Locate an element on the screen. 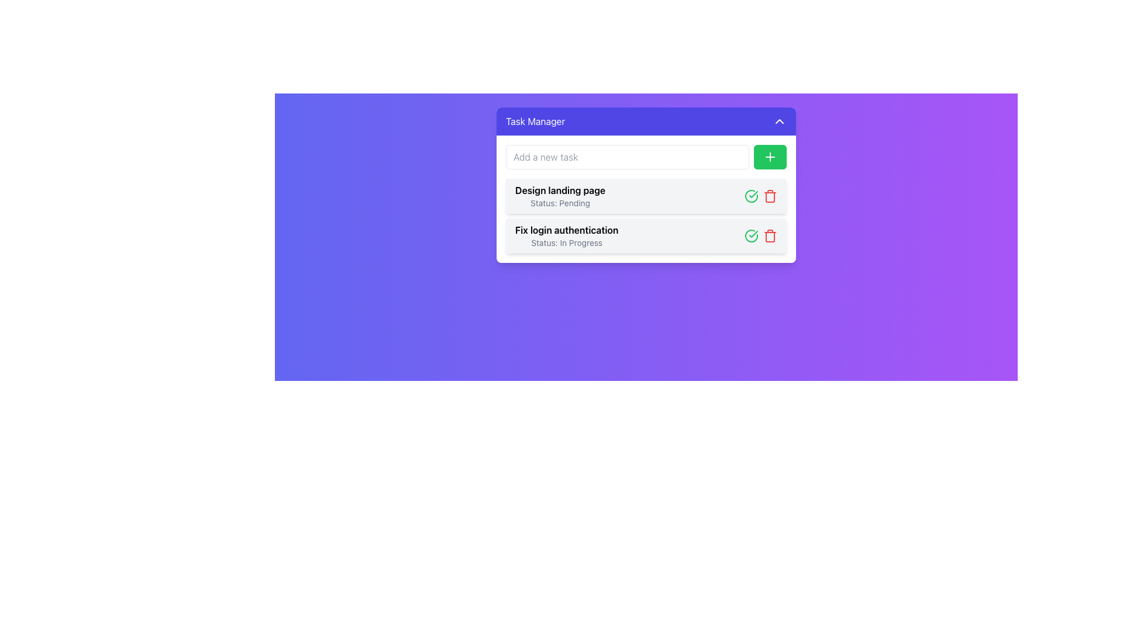 Image resolution: width=1123 pixels, height=631 pixels. text content of the text label that displays 'Status: In Progress' located on the second task card below the title 'Fix login authentication' is located at coordinates (567, 242).